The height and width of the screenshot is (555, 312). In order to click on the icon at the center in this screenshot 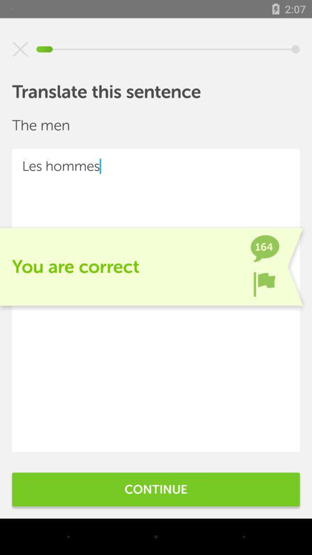, I will do `click(156, 299)`.